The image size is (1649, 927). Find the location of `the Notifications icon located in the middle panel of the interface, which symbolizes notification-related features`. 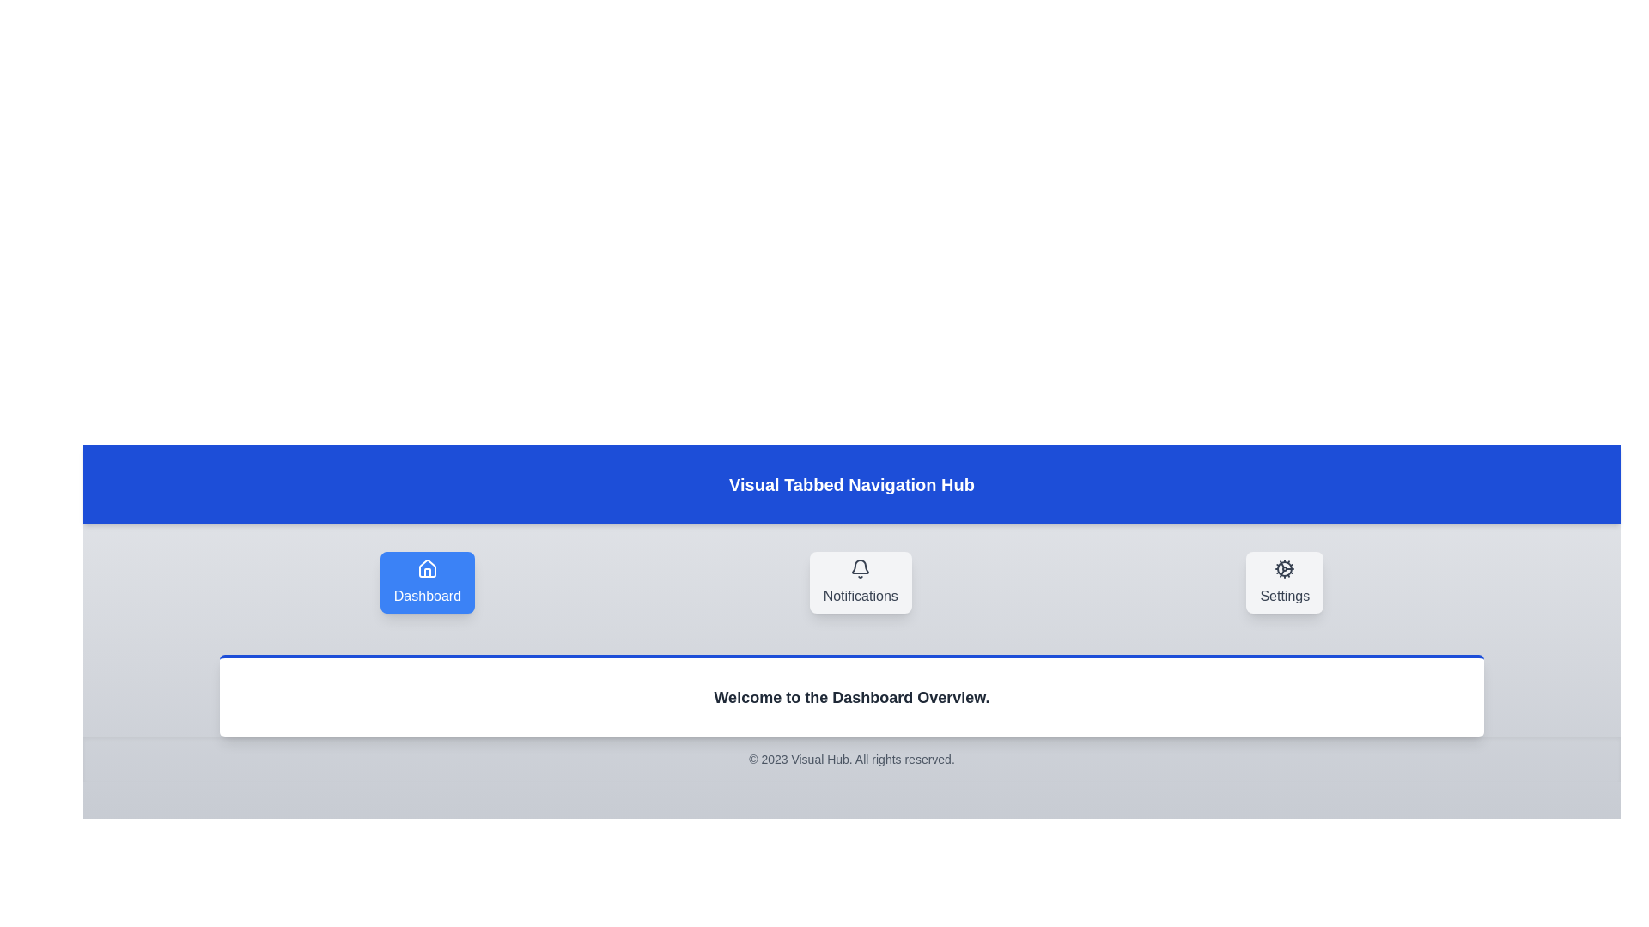

the Notifications icon located in the middle panel of the interface, which symbolizes notification-related features is located at coordinates (861, 569).